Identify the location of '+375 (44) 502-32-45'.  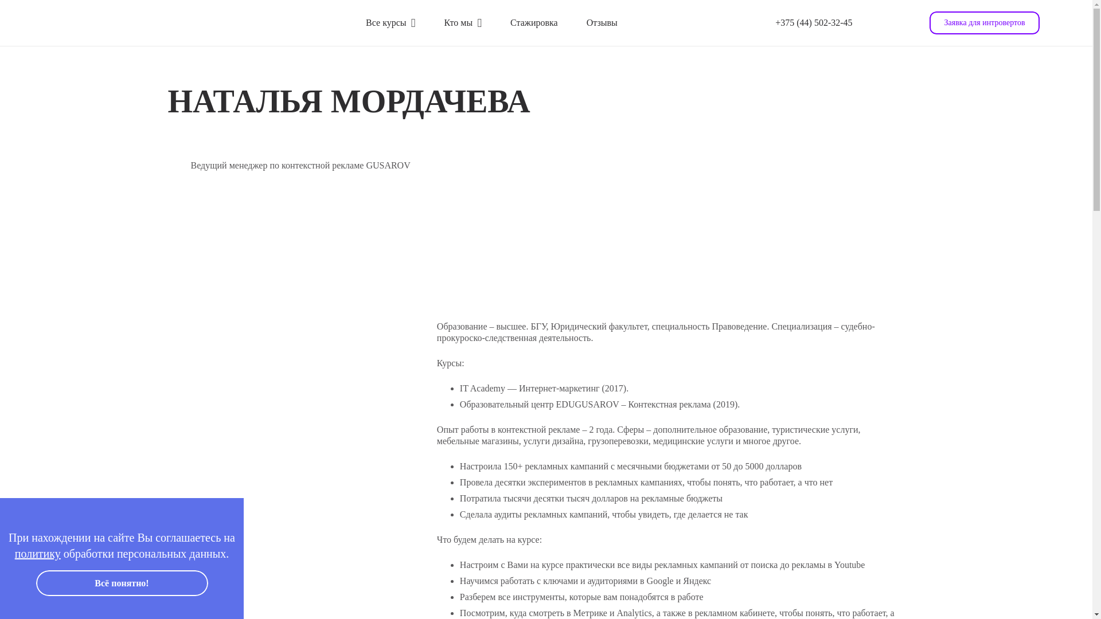
(813, 22).